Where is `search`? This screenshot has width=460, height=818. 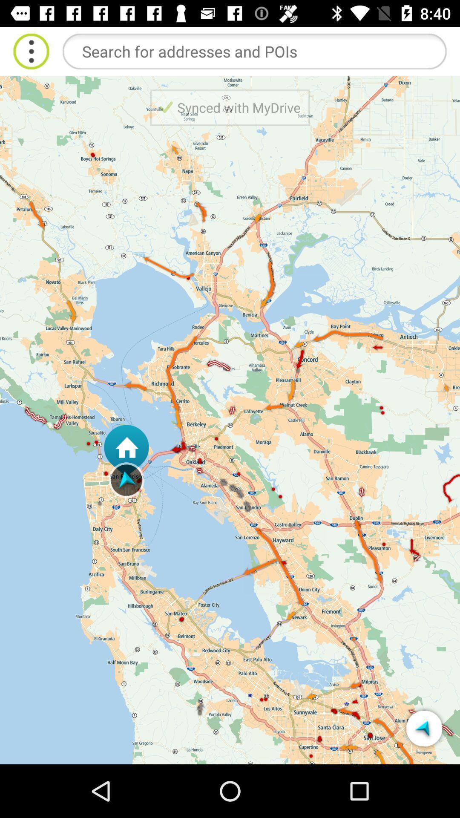
search is located at coordinates (254, 51).